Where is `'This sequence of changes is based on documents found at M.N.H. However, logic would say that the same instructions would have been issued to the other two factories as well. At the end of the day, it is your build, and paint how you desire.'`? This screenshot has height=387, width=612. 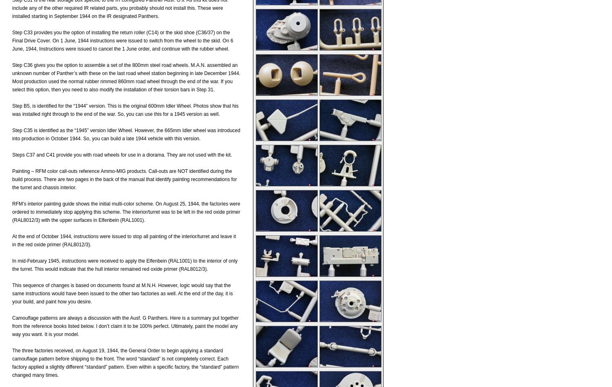 'This sequence of changes is based on documents found at M.N.H. However, logic would say that the same instructions would have been issued to the other two factories as well. At the end of the day, it is your build, and paint how you desire.' is located at coordinates (122, 294).